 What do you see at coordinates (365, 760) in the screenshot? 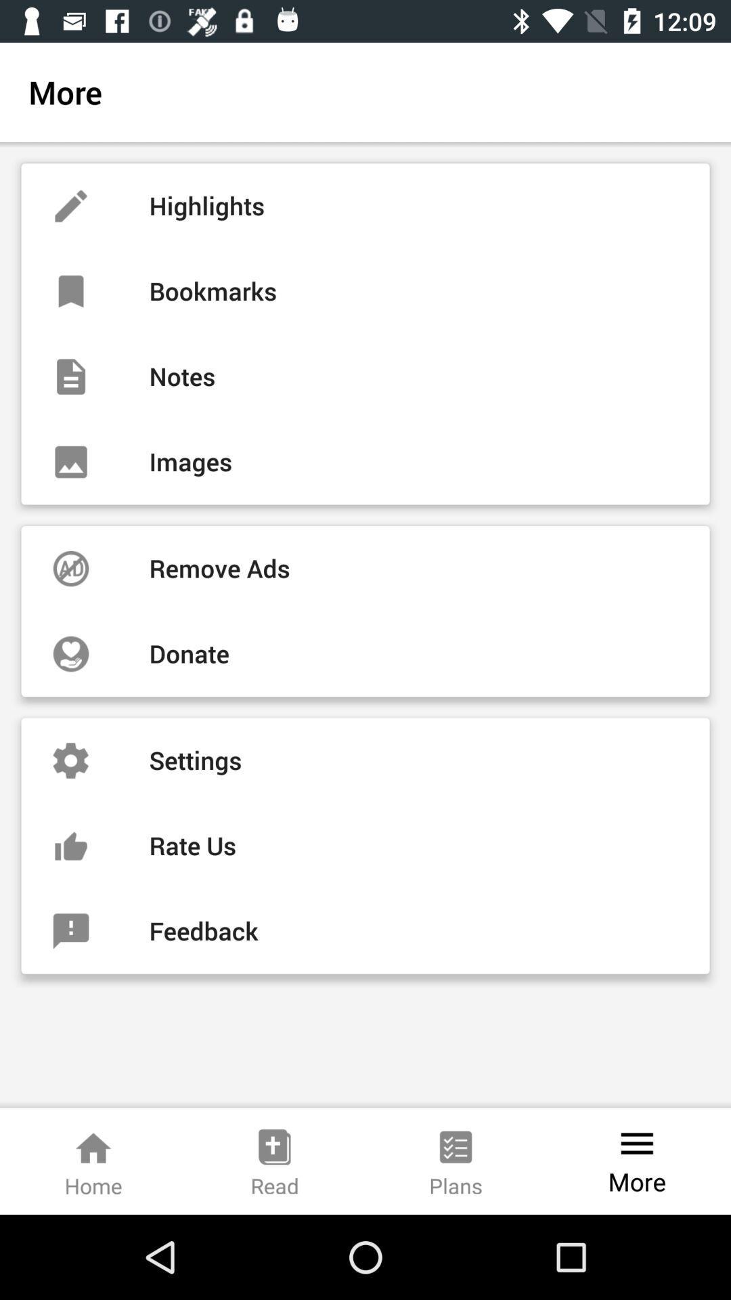
I see `item above the rate us item` at bounding box center [365, 760].